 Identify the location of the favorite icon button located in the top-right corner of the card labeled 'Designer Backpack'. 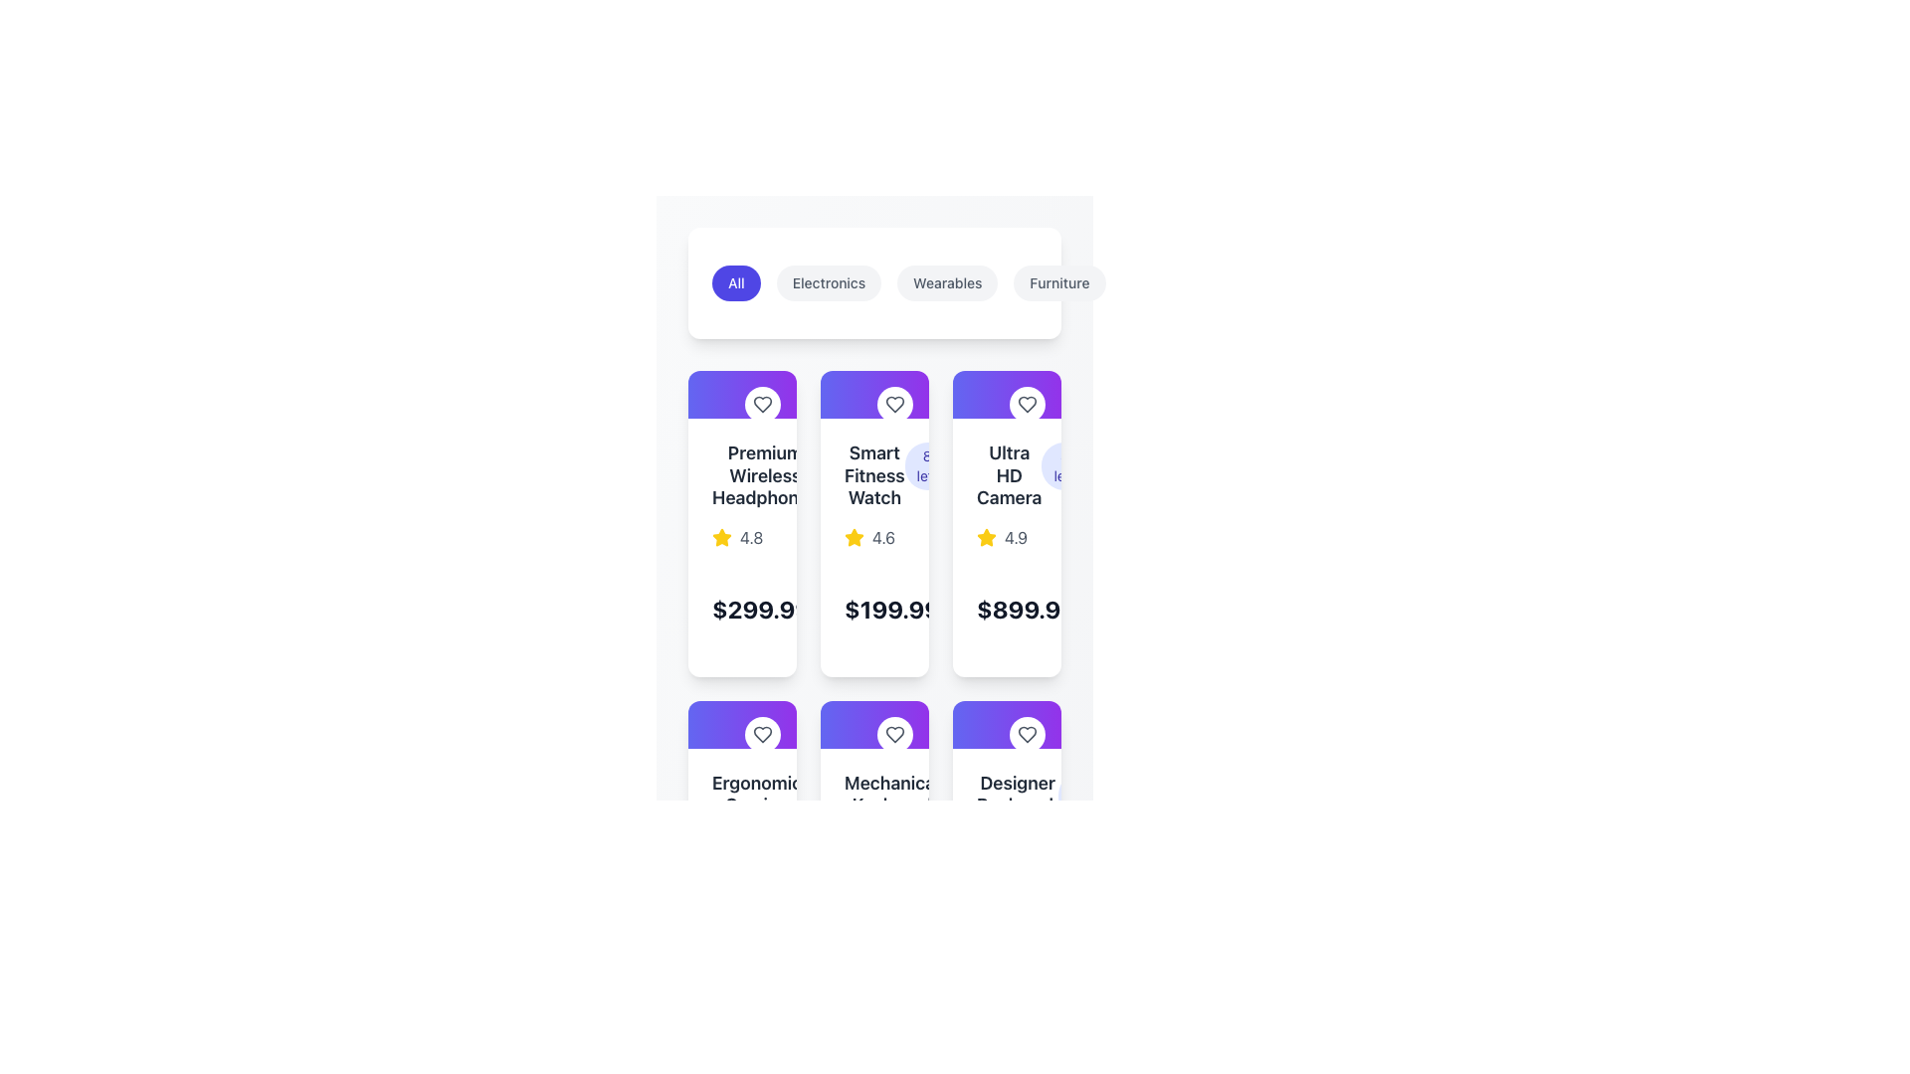
(1027, 734).